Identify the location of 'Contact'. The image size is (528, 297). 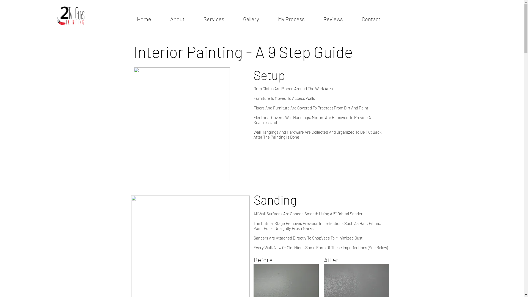
(371, 19).